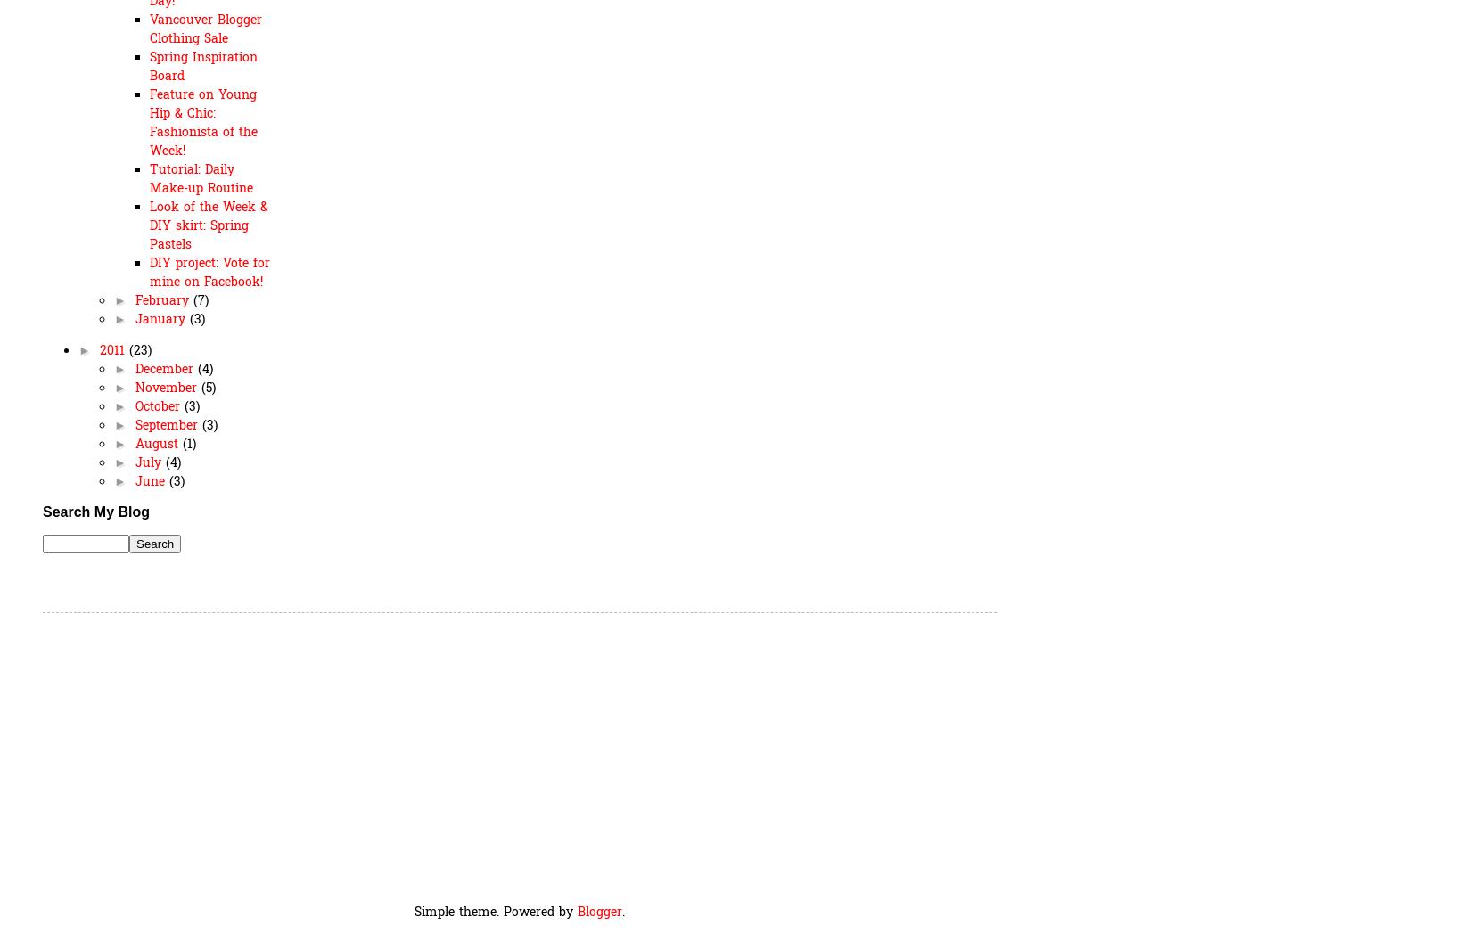 The height and width of the screenshot is (933, 1478). What do you see at coordinates (207, 388) in the screenshot?
I see `'(5)'` at bounding box center [207, 388].